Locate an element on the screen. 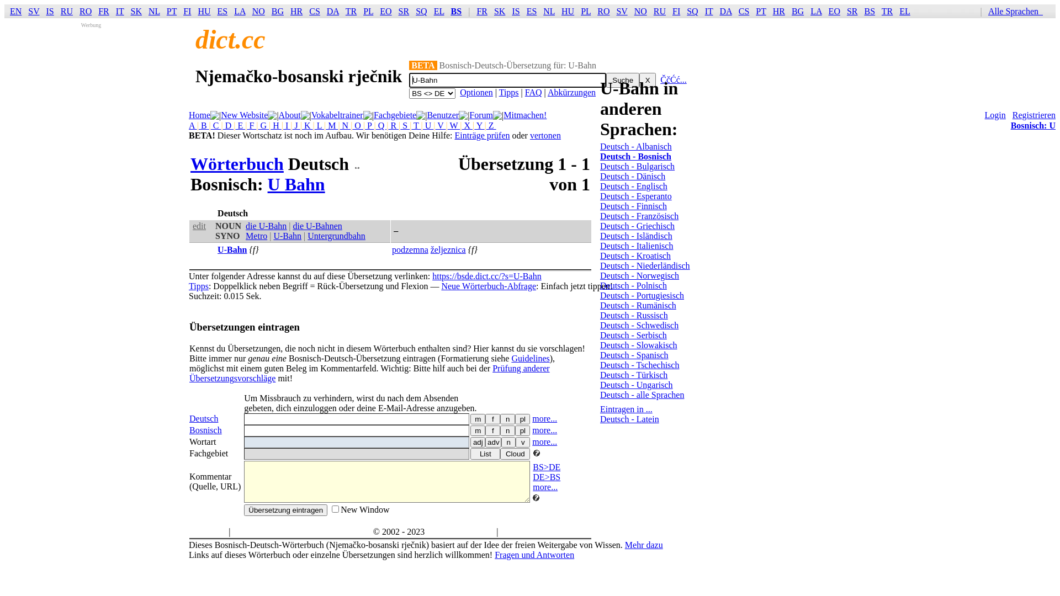 The image size is (1060, 596). 'U-Bahn' is located at coordinates (287, 235).